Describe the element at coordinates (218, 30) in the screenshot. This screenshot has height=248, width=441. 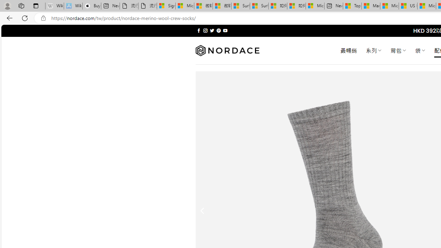
I see `'Follow on Pinterest'` at that location.